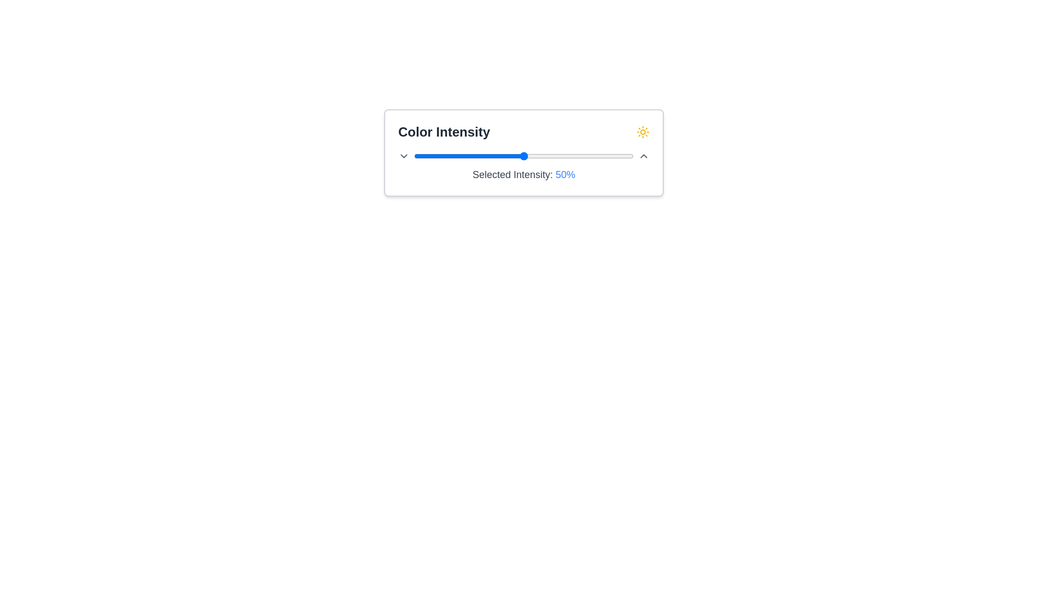 The width and height of the screenshot is (1049, 590). I want to click on the text display that indicates the currently selected intensity level, which reads 'Selected Intensity: 50%', located below the slider in the middle-right region of the interface, so click(565, 174).